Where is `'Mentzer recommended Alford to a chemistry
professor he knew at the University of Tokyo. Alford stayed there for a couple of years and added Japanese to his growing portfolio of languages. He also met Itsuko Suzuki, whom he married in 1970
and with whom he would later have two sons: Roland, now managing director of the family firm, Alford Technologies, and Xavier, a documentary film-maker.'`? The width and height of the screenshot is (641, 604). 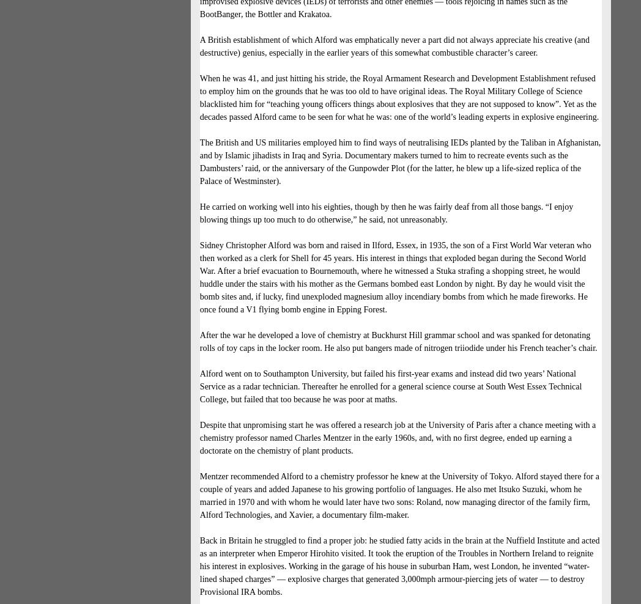 'Mentzer recommended Alford to a chemistry
professor he knew at the University of Tokyo. Alford stayed there for a couple of years and added Japanese to his growing portfolio of languages. He also met Itsuko Suzuki, whom he married in 1970
and with whom he would later have two sons: Roland, now managing director of the family firm, Alford Technologies, and Xavier, a documentary film-maker.' is located at coordinates (398, 496).